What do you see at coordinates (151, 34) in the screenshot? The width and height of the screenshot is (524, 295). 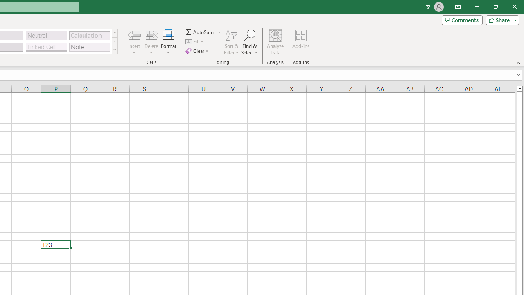 I see `'Delete Cells...'` at bounding box center [151, 34].